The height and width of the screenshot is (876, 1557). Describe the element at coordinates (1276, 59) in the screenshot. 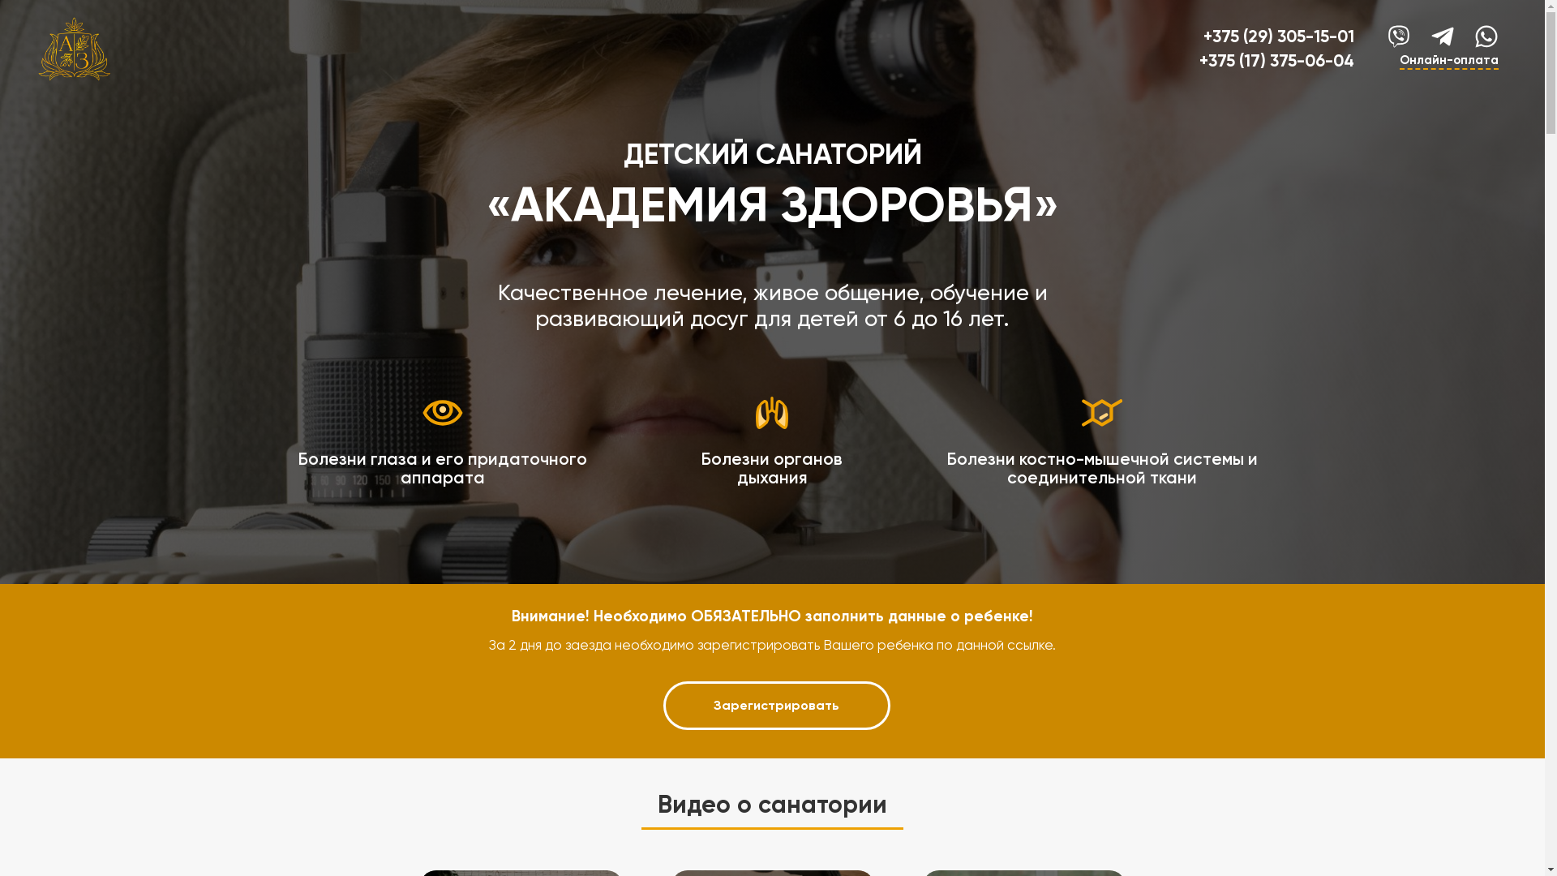

I see `'+375 (17) 375-06-04'` at that location.